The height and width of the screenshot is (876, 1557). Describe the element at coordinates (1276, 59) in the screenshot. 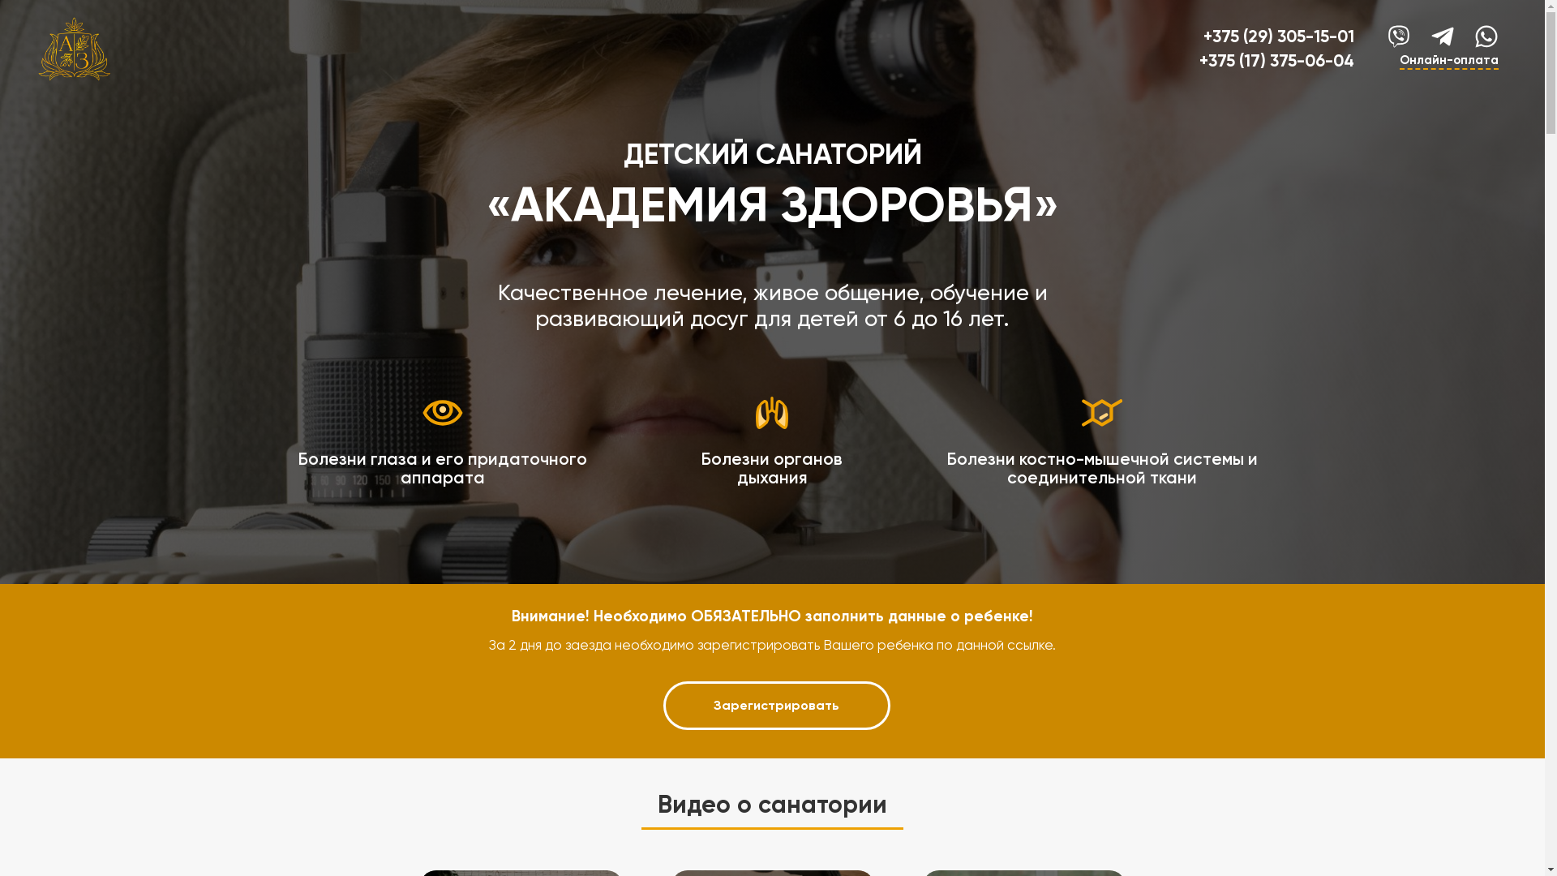

I see `'+375 (17) 375-06-04'` at that location.